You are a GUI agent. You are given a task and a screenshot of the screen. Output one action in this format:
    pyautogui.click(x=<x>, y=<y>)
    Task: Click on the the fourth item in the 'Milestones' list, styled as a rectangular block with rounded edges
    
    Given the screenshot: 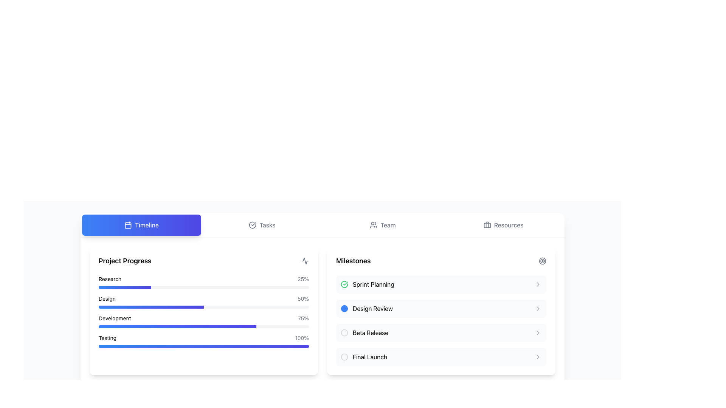 What is the action you would take?
    pyautogui.click(x=441, y=357)
    